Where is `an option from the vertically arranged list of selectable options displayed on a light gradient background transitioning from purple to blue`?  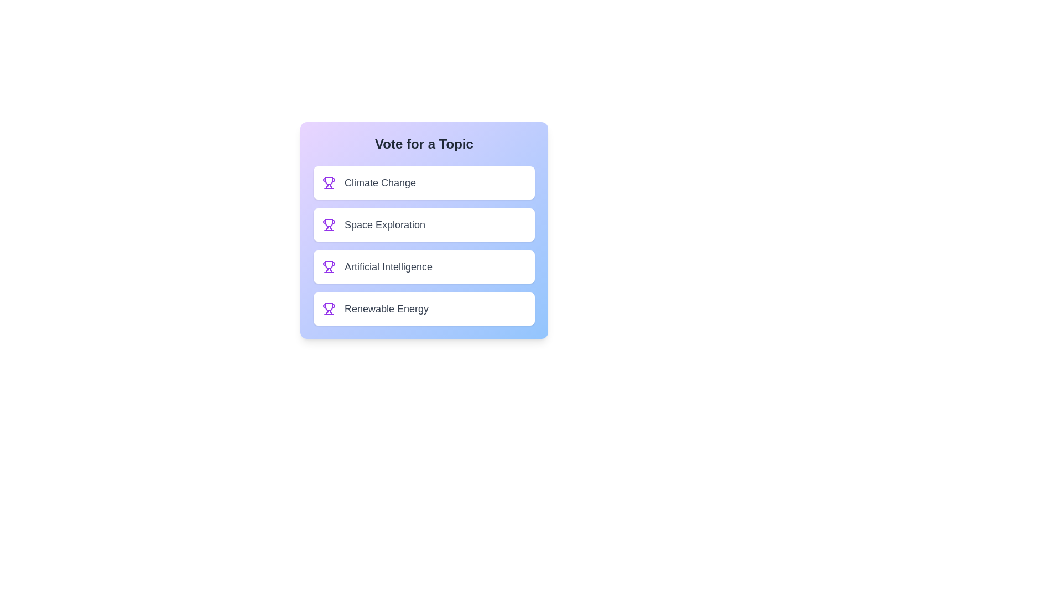
an option from the vertically arranged list of selectable options displayed on a light gradient background transitioning from purple to blue is located at coordinates (424, 245).